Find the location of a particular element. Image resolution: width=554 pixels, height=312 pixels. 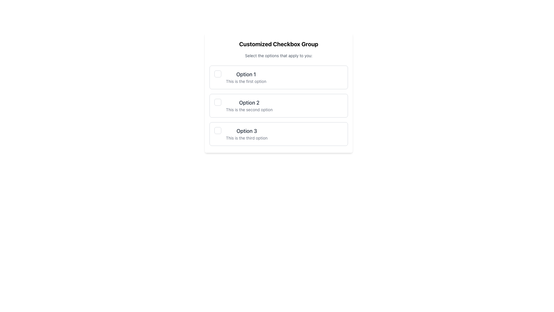

the Text Label with heading 'Option 3' that is the third item in a vertically stacked list of options is located at coordinates (247, 134).